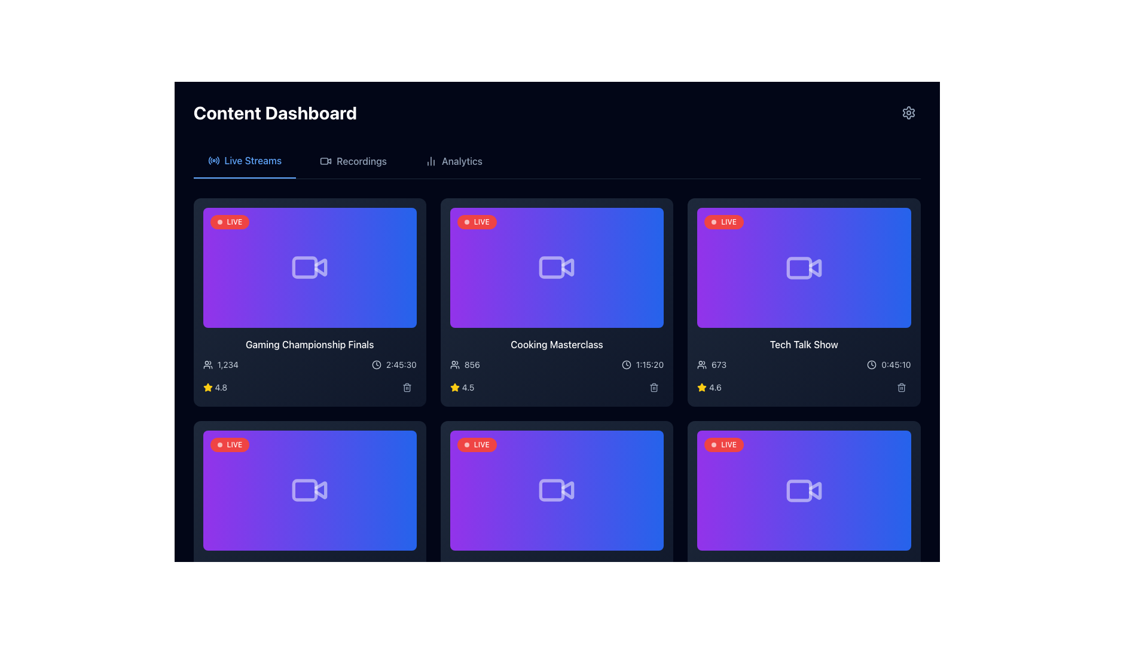 The height and width of the screenshot is (645, 1148). I want to click on the user icon, which is a small black outline of two human figures located near the bottom-left corner of the first card in the grid, just to the left of the numerical text '1,234', so click(207, 364).